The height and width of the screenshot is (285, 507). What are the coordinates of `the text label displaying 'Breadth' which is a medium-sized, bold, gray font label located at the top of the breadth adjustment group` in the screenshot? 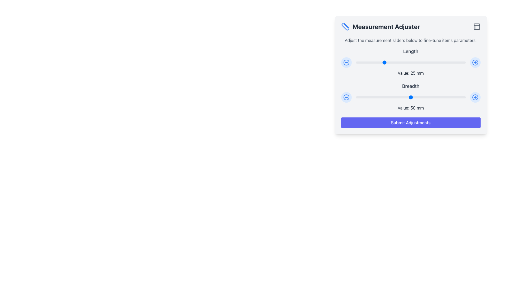 It's located at (410, 86).